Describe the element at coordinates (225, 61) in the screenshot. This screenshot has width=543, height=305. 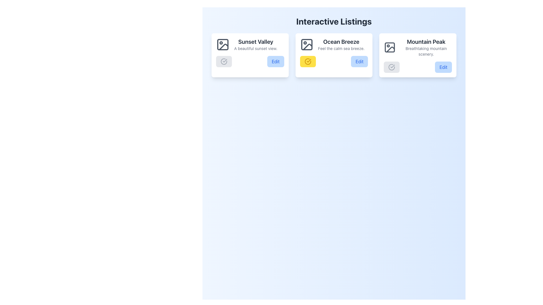
I see `the monochrome checkmark icon within the yellow circular outline located in the second card of the horizontally arranged card list titled 'Ocean Breeze'` at that location.